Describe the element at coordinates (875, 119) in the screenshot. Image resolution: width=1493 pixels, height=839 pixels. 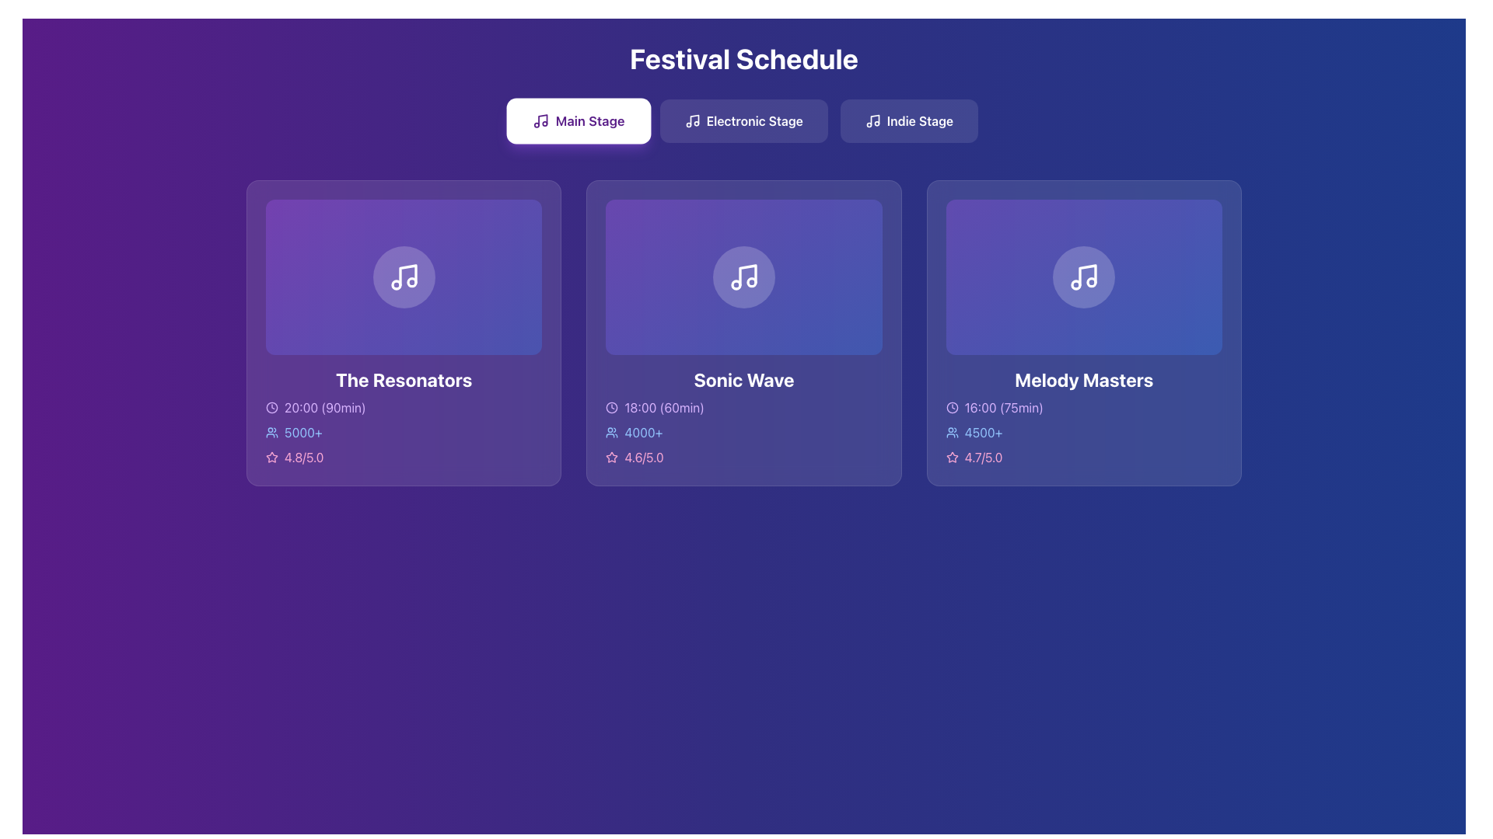
I see `the musical note icon located in the upper section of the 'Sonic Wave' card, which is displayed against a gradient purple background. This icon is part of the graphical representation for audio-related content` at that location.